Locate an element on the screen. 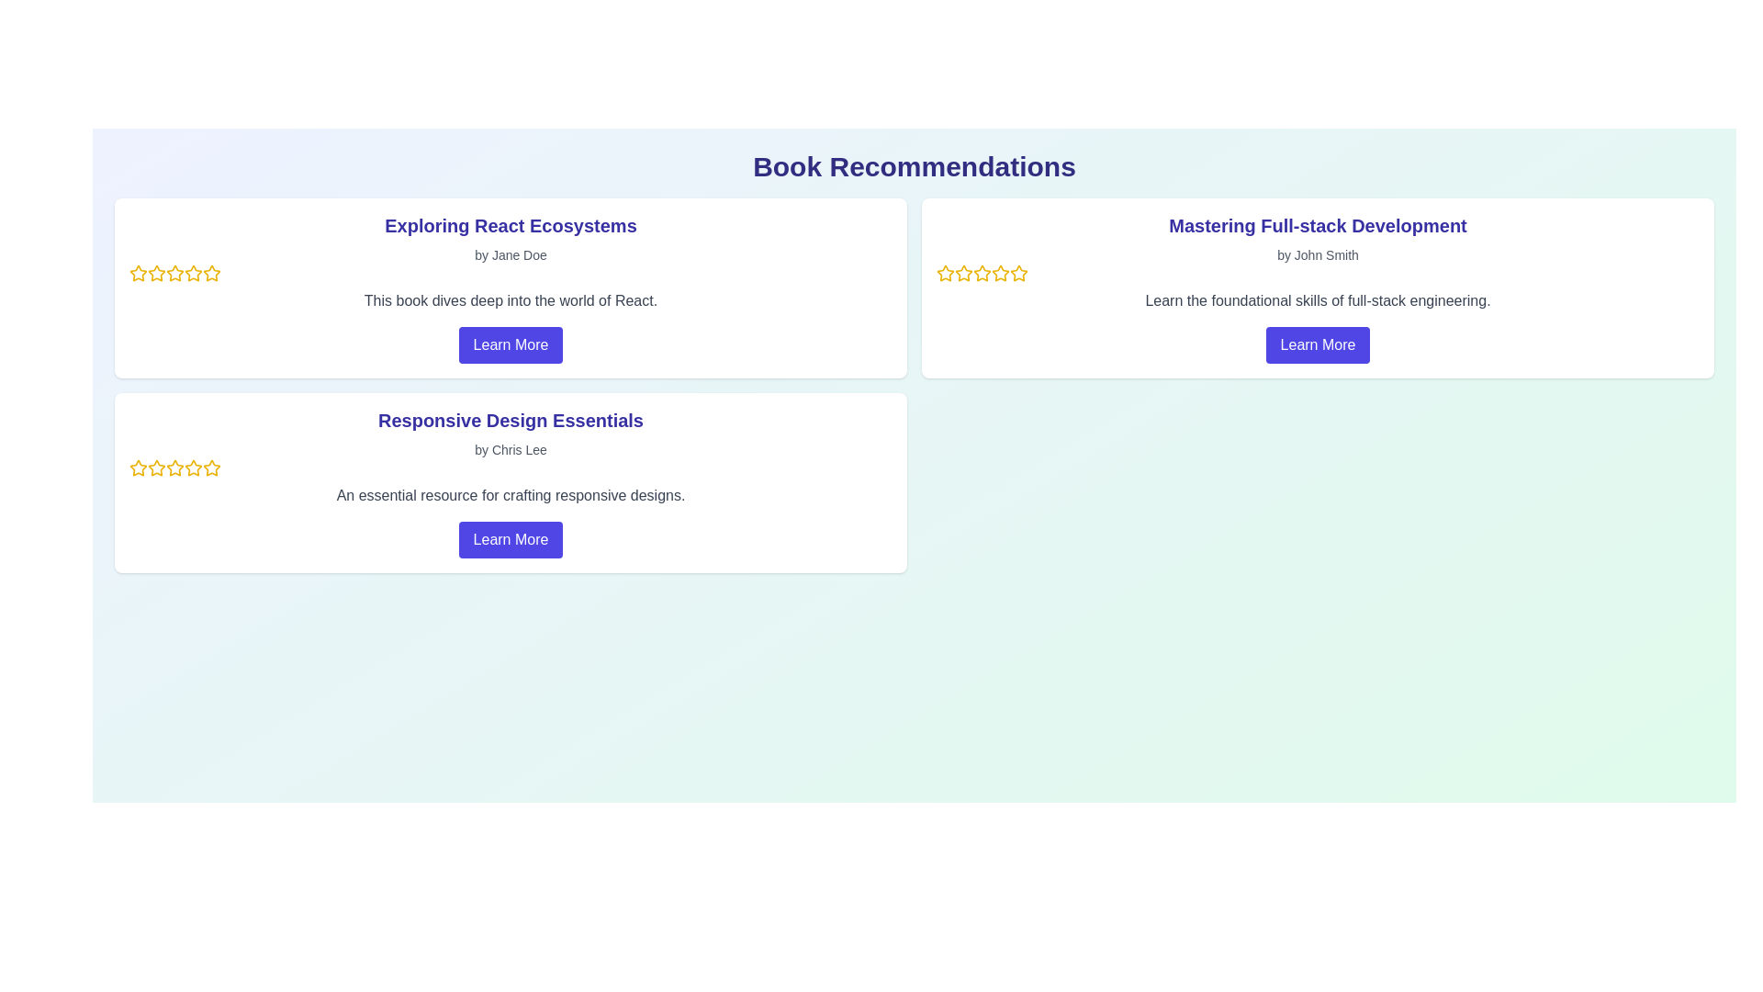  the first rating star in the five-point rating system for 'Exploring React Ecosystems' is located at coordinates (137, 273).